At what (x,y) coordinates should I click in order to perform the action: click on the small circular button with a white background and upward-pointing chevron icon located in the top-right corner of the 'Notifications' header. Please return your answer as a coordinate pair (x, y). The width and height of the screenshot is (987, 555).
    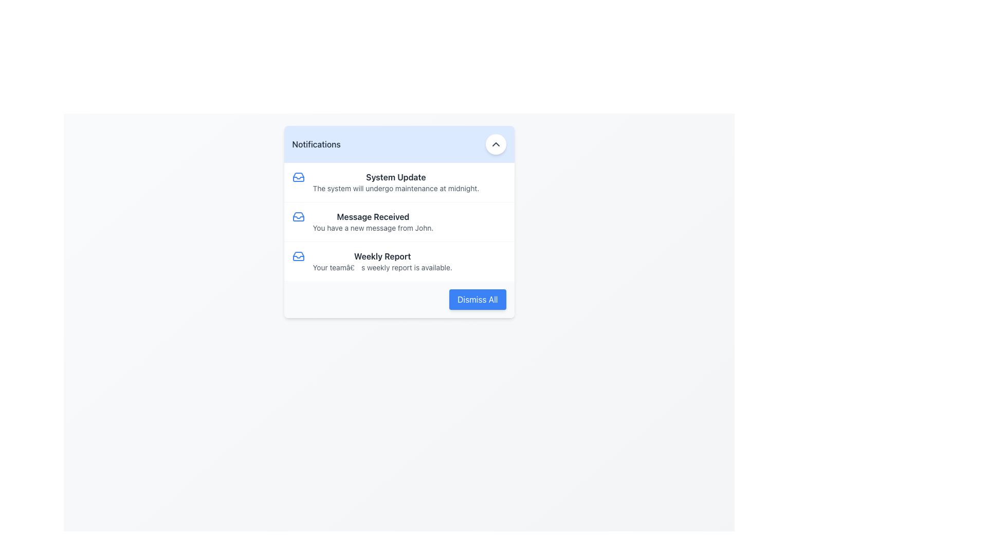
    Looking at the image, I should click on (496, 144).